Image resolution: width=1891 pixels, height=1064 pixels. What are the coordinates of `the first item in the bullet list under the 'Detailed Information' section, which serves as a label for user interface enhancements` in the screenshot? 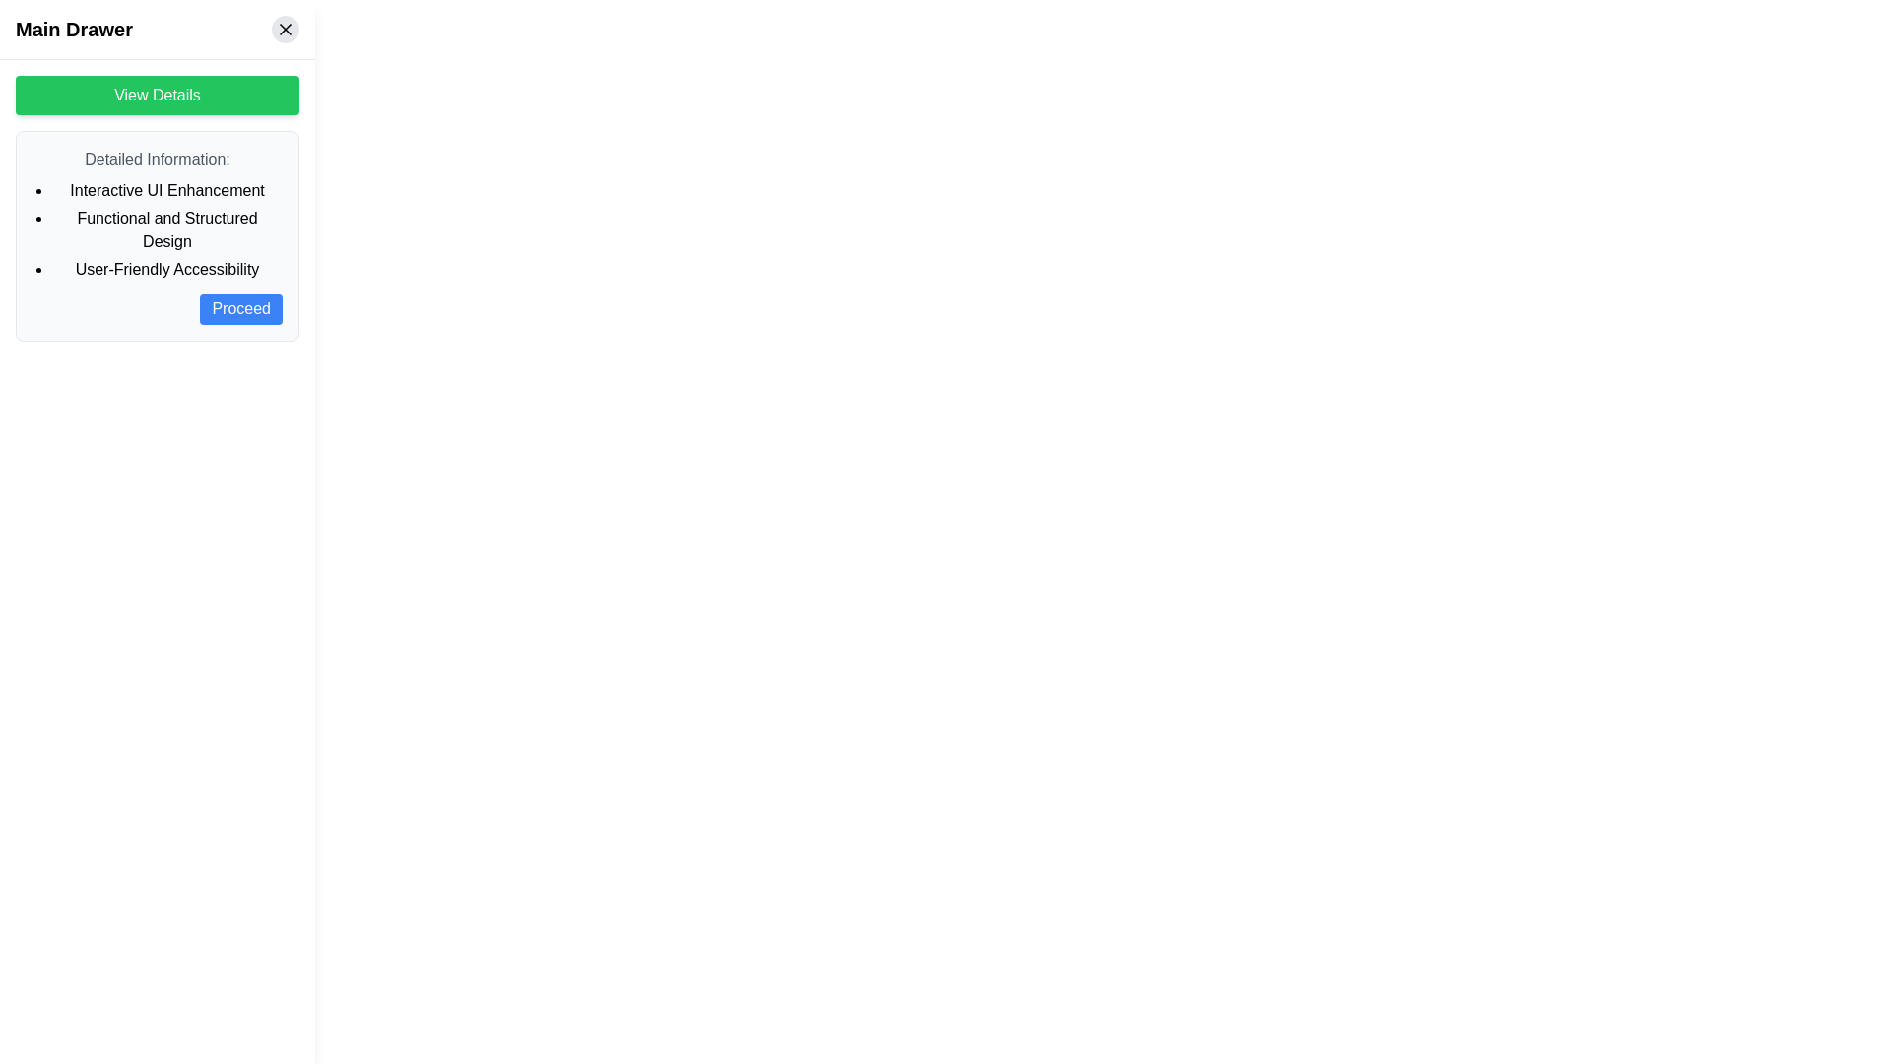 It's located at (166, 190).